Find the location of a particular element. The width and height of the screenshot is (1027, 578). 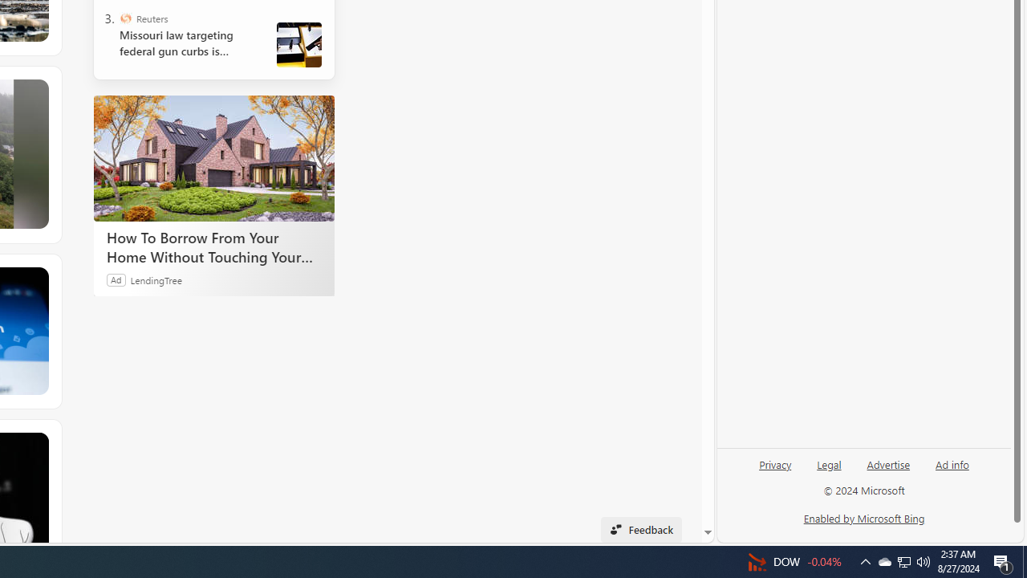

'Privacy' is located at coordinates (775, 463).